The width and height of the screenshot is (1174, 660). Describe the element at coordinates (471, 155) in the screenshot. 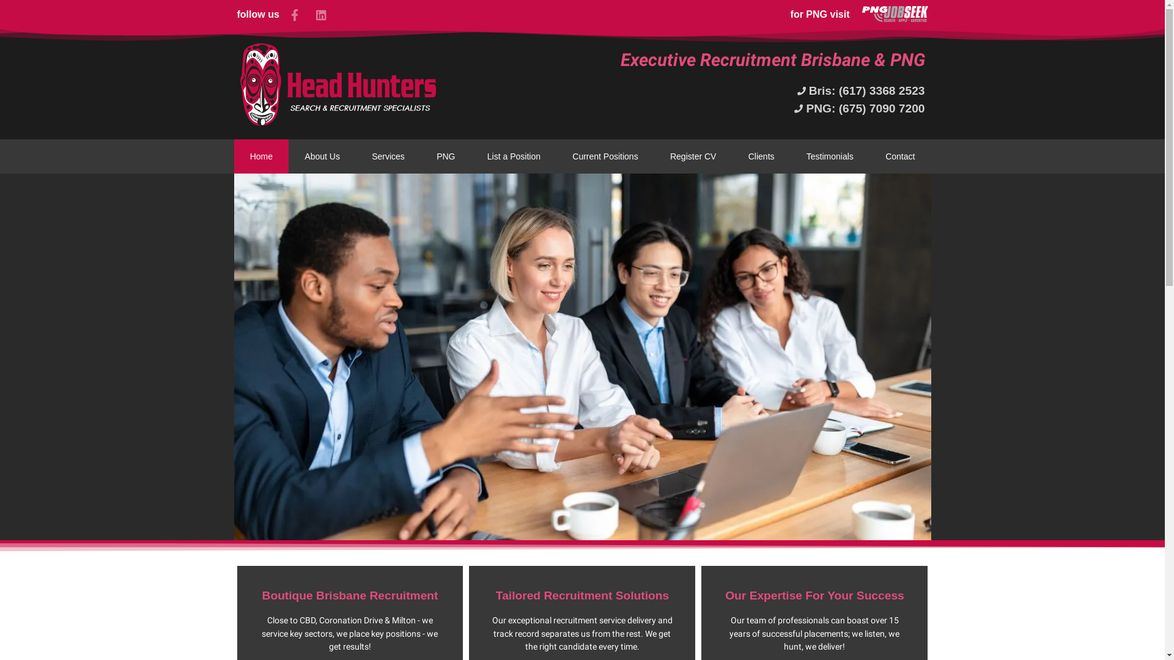

I see `'List a Position'` at that location.